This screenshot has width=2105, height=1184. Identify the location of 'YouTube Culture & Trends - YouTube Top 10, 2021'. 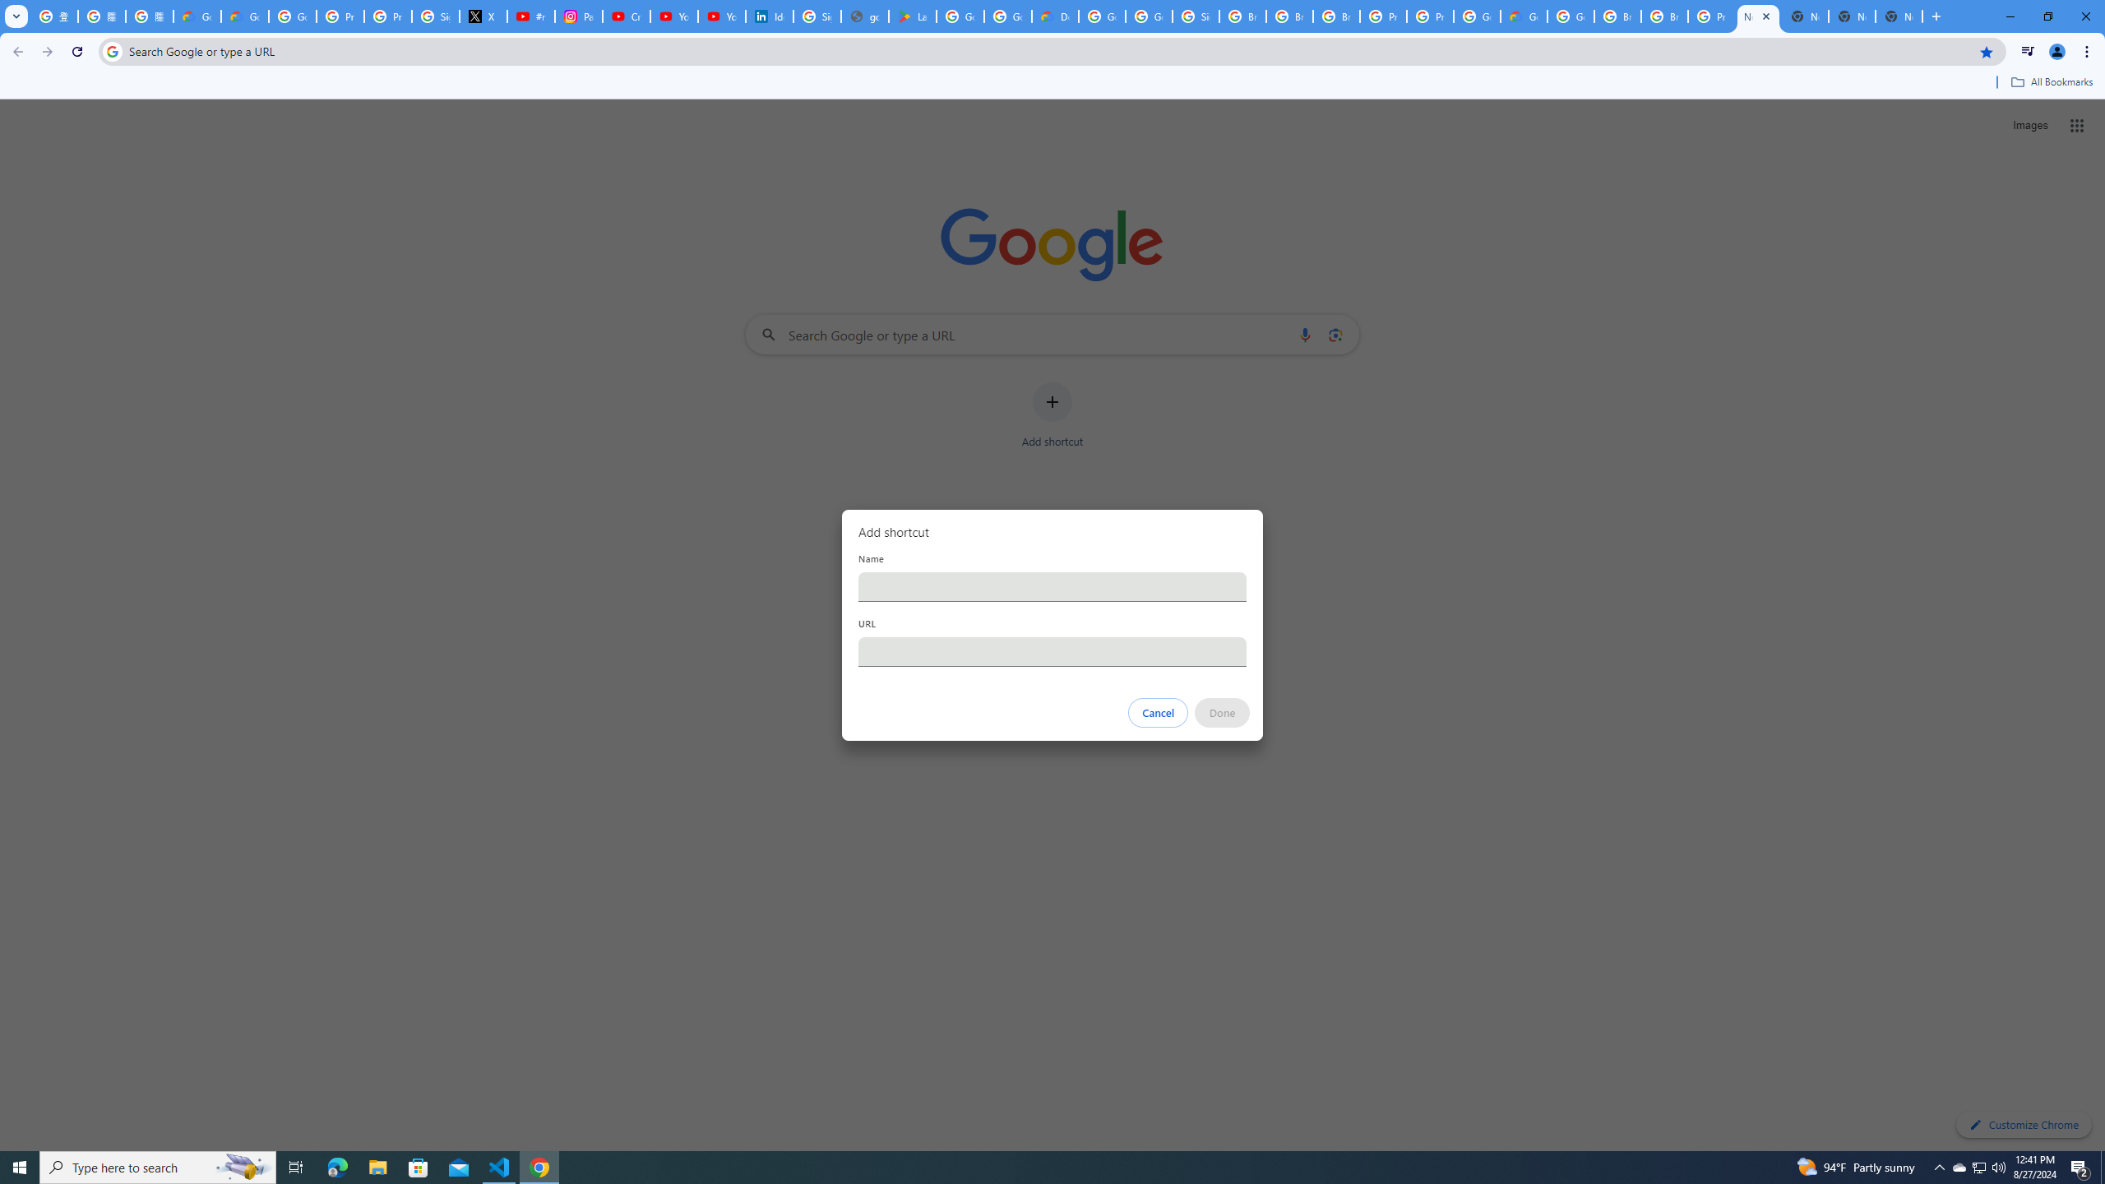
(721, 16).